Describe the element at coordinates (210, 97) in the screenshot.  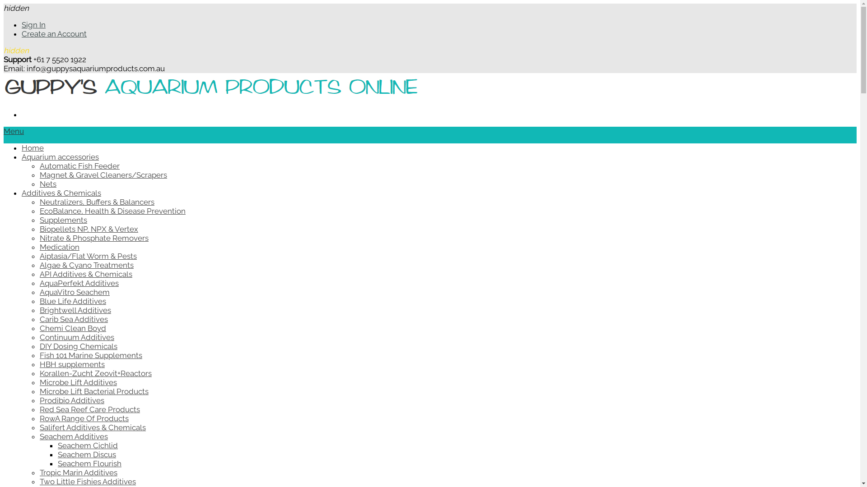
I see `'logo'` at that location.